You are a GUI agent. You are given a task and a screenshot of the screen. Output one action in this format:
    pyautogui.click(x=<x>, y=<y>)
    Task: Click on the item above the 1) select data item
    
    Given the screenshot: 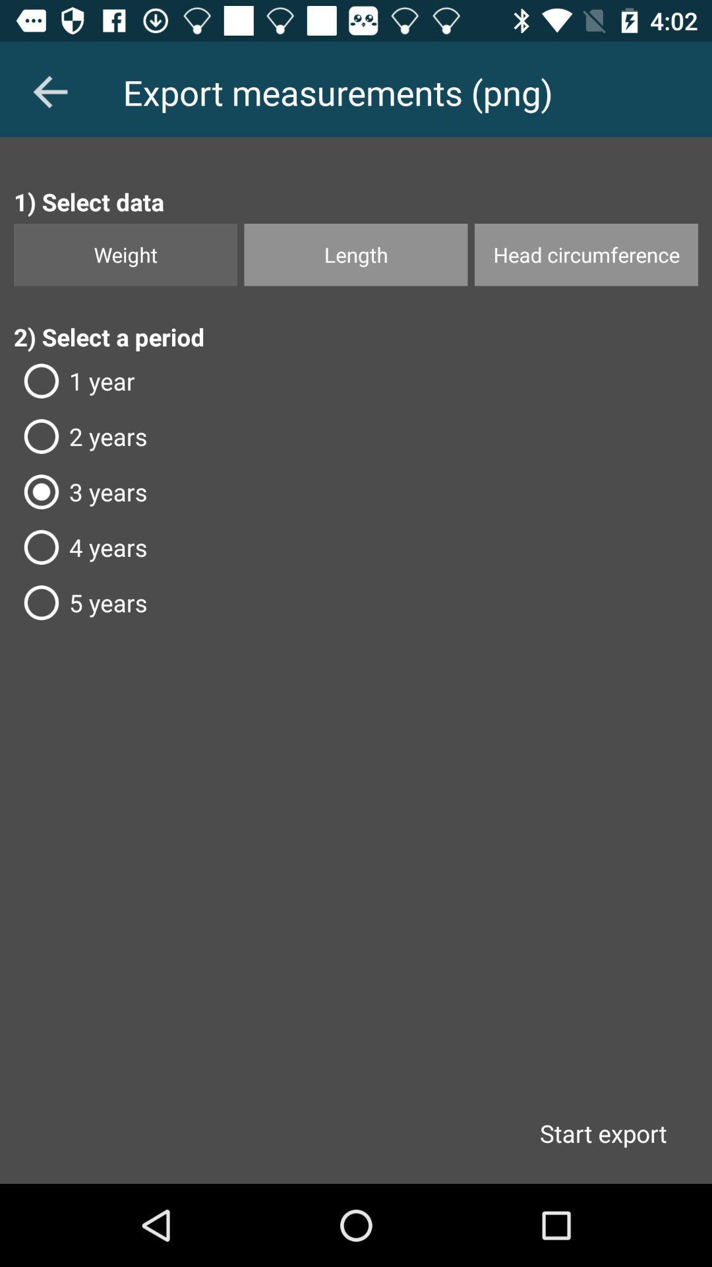 What is the action you would take?
    pyautogui.click(x=49, y=91)
    